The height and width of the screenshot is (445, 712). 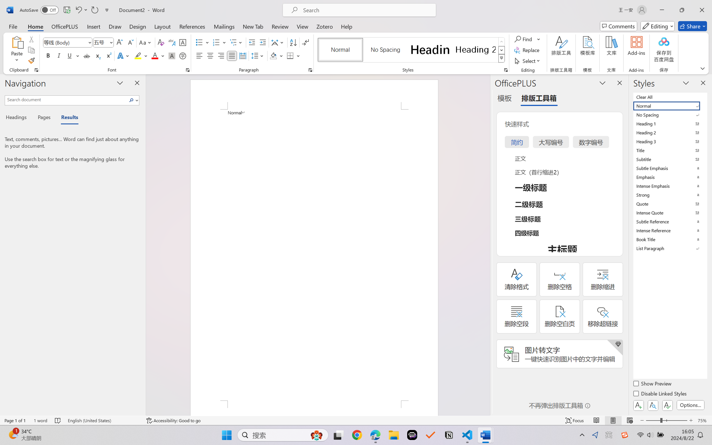 I want to click on 'Language English (United States)', so click(x=103, y=420).